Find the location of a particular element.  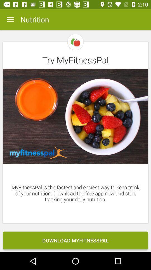

icon at the top left corner is located at coordinates (10, 19).